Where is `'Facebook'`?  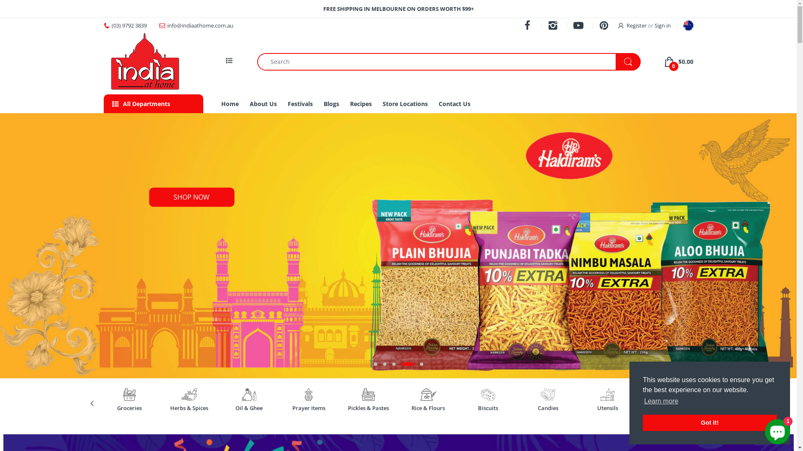
'Facebook' is located at coordinates (528, 25).